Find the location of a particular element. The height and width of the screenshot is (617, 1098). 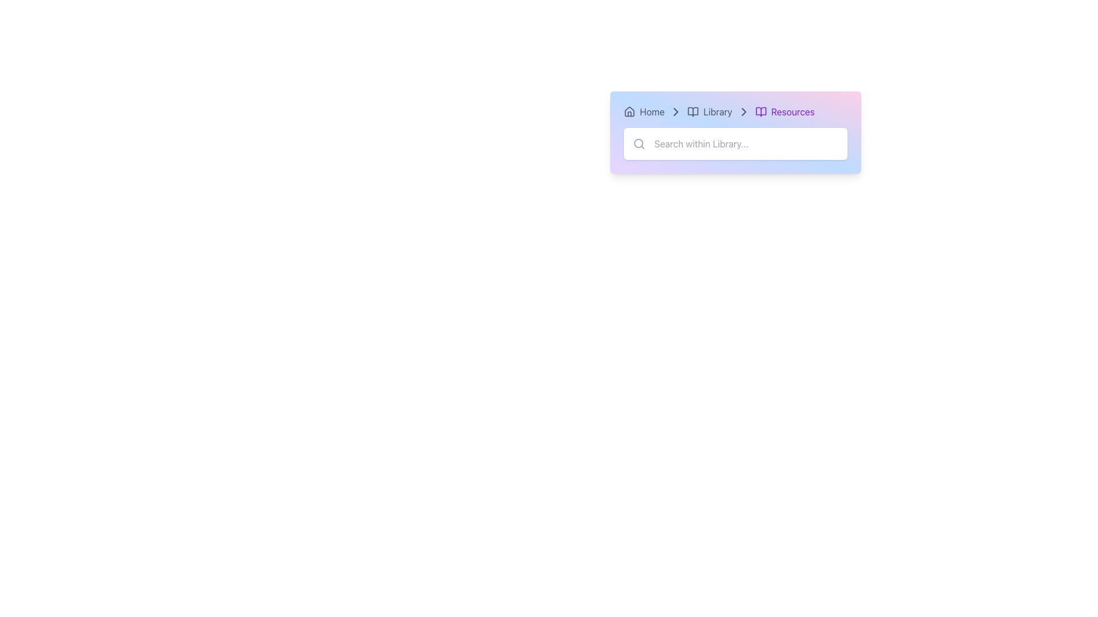

the static text label 'Library' in the breadcrumb navigation component, which serves as a reference point for navigation is located at coordinates (717, 112).